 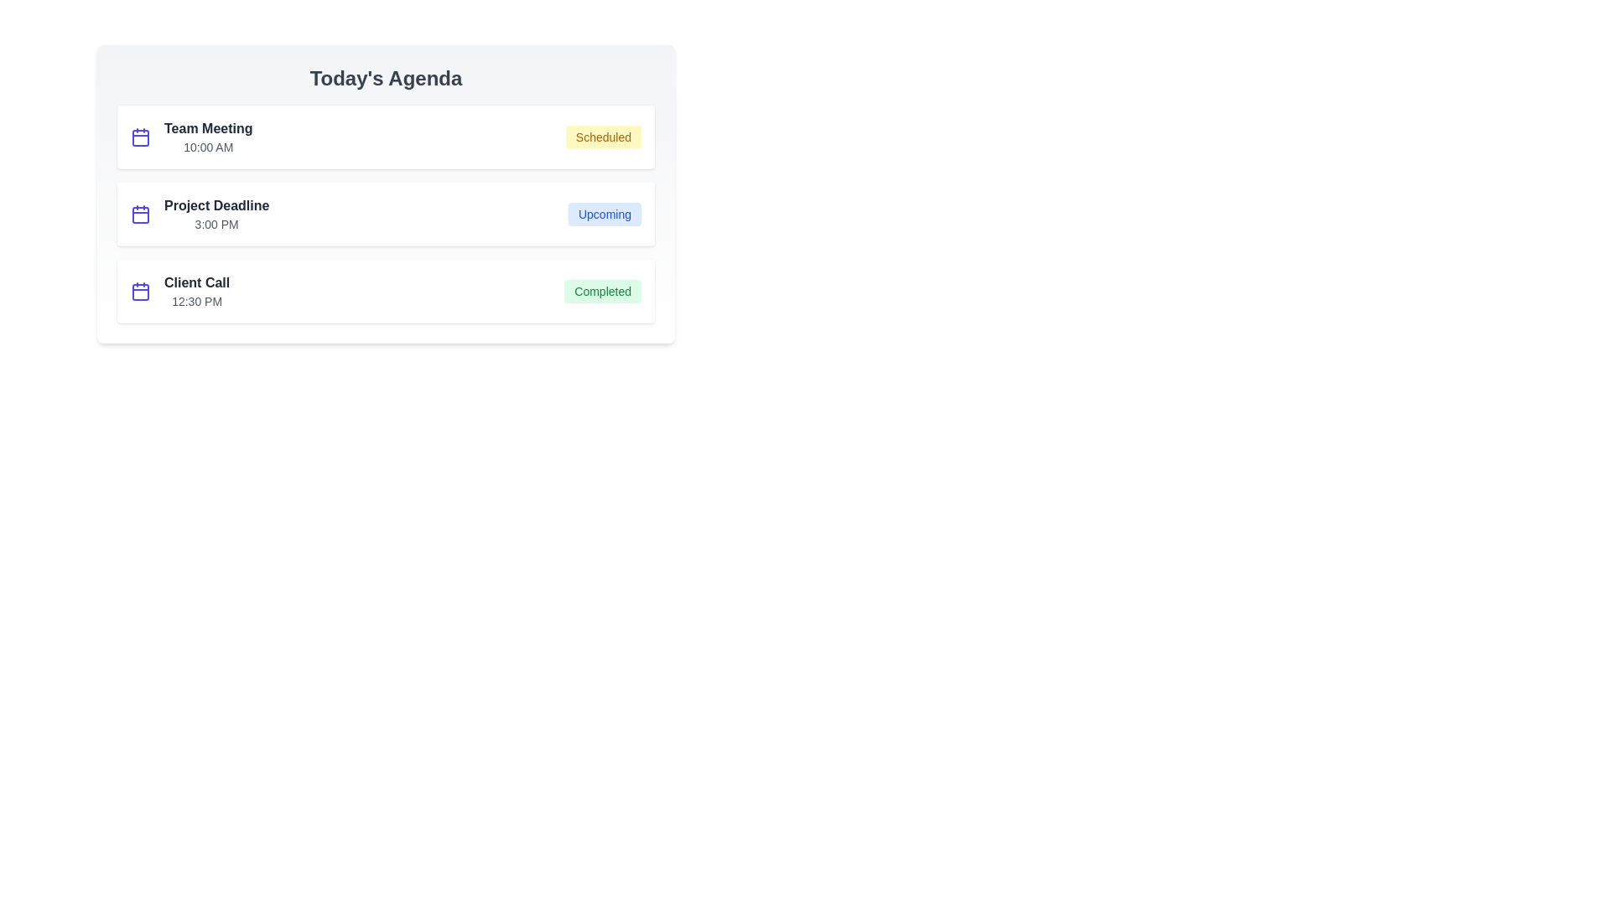 I want to click on the event item corresponding to Client Call, so click(x=385, y=290).